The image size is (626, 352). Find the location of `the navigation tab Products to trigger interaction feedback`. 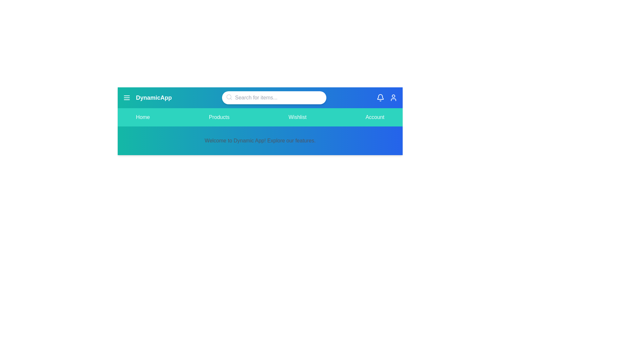

the navigation tab Products to trigger interaction feedback is located at coordinates (219, 117).